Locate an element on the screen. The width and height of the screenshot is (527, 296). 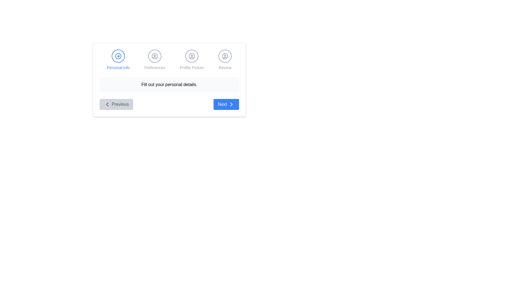
the 'Profile Picture' label element located beneath the circular avatar icon in the multi-step form header is located at coordinates (192, 67).